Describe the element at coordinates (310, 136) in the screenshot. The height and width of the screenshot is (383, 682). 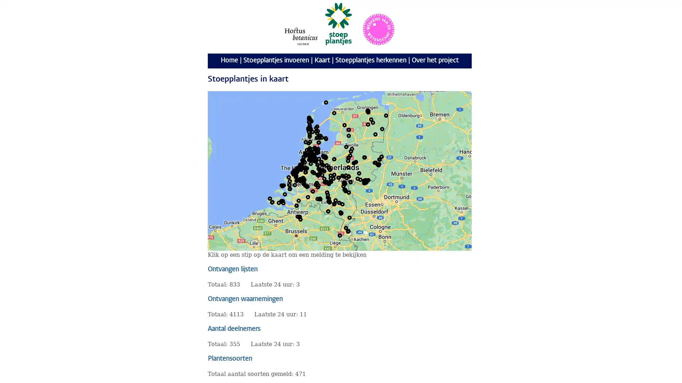
I see `Telling van op 31 maart 2022` at that location.